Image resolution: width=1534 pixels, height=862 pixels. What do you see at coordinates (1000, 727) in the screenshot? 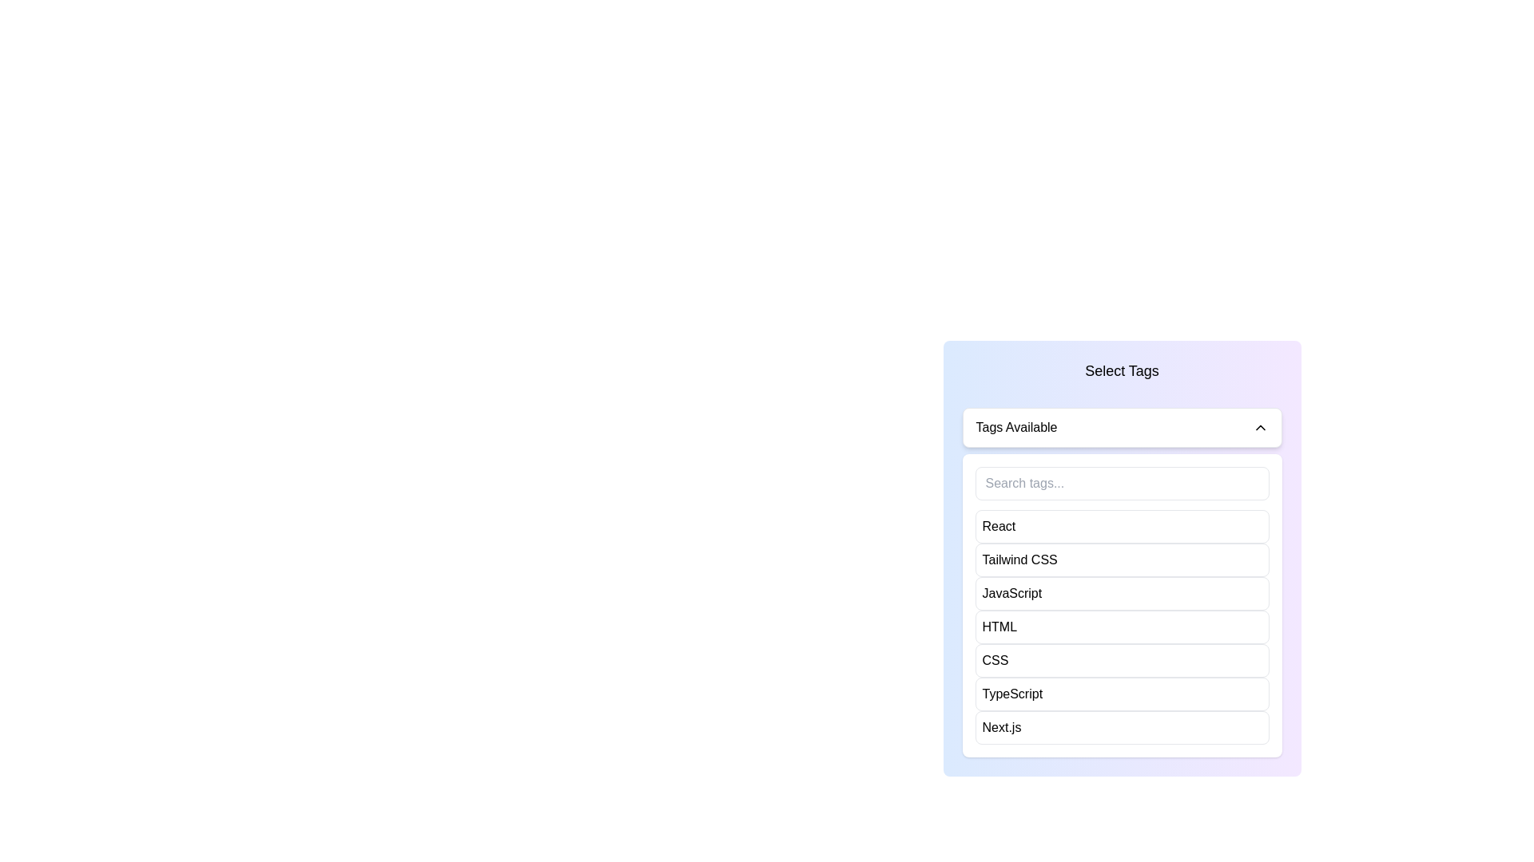
I see `the 'Next.js' text label, which is a plain black text item located at the bottom of a vertical list inside a dropdown interface` at bounding box center [1000, 727].